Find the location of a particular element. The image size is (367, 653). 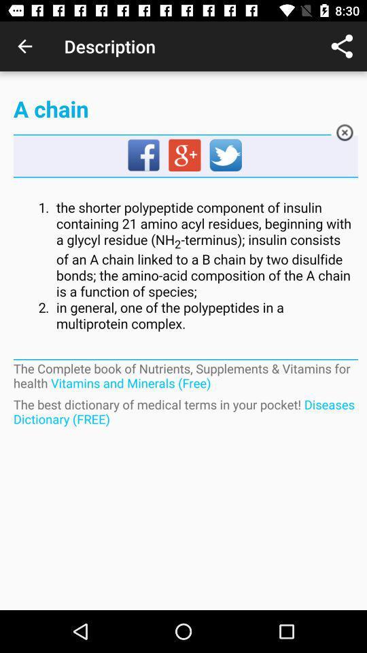

google plus link is located at coordinates (185, 156).